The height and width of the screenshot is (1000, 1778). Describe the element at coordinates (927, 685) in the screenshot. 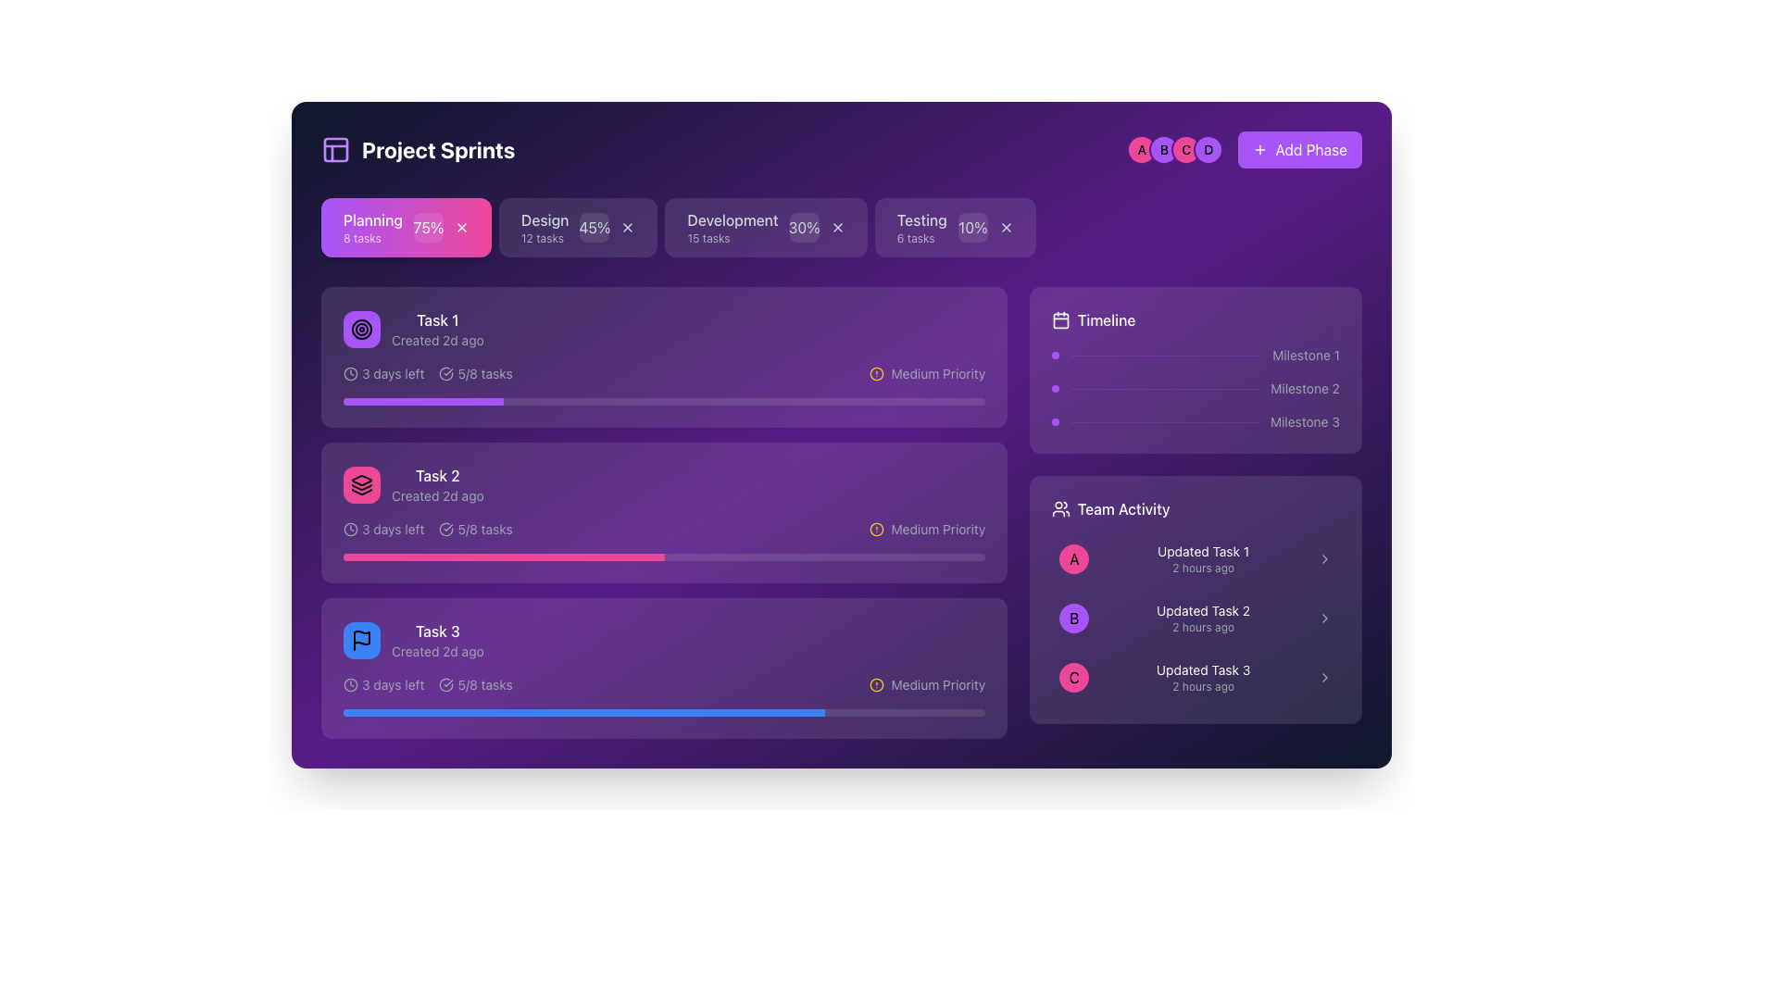

I see `the task's priority level by clicking on the 'Medium Priority' text next to the amber-colored icon with an exclamation mark` at that location.